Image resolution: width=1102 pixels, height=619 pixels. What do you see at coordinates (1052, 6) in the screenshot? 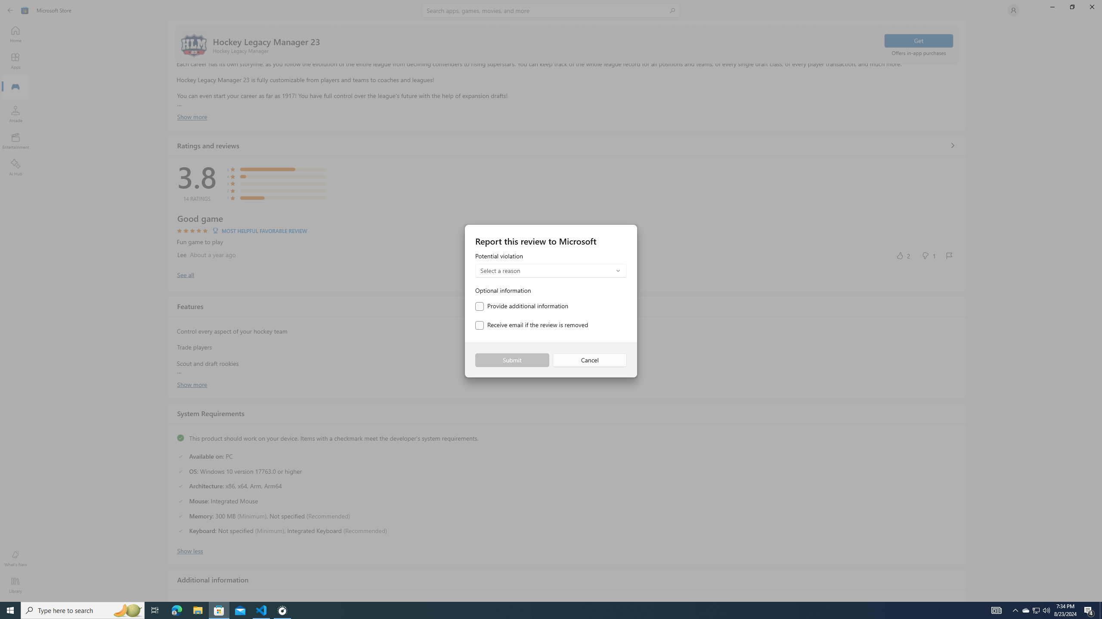
I see `'Minimize Microsoft Store'` at bounding box center [1052, 6].